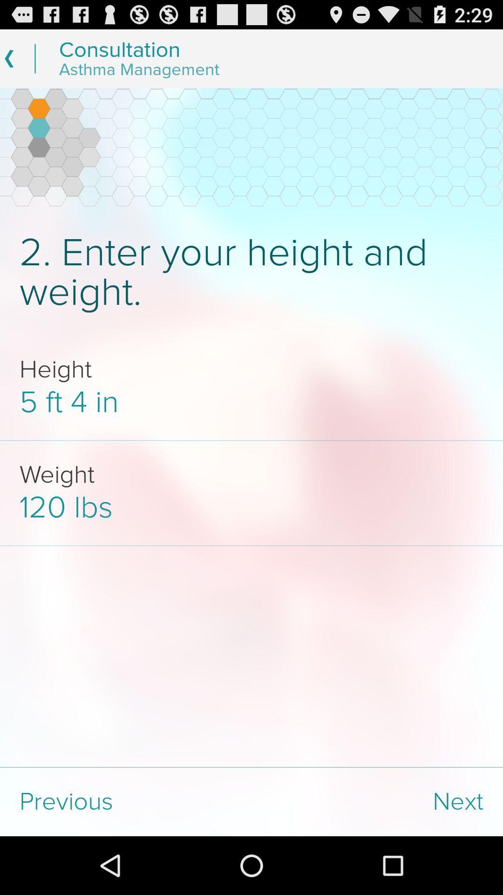 This screenshot has width=503, height=895. I want to click on icon above the weight app, so click(251, 402).